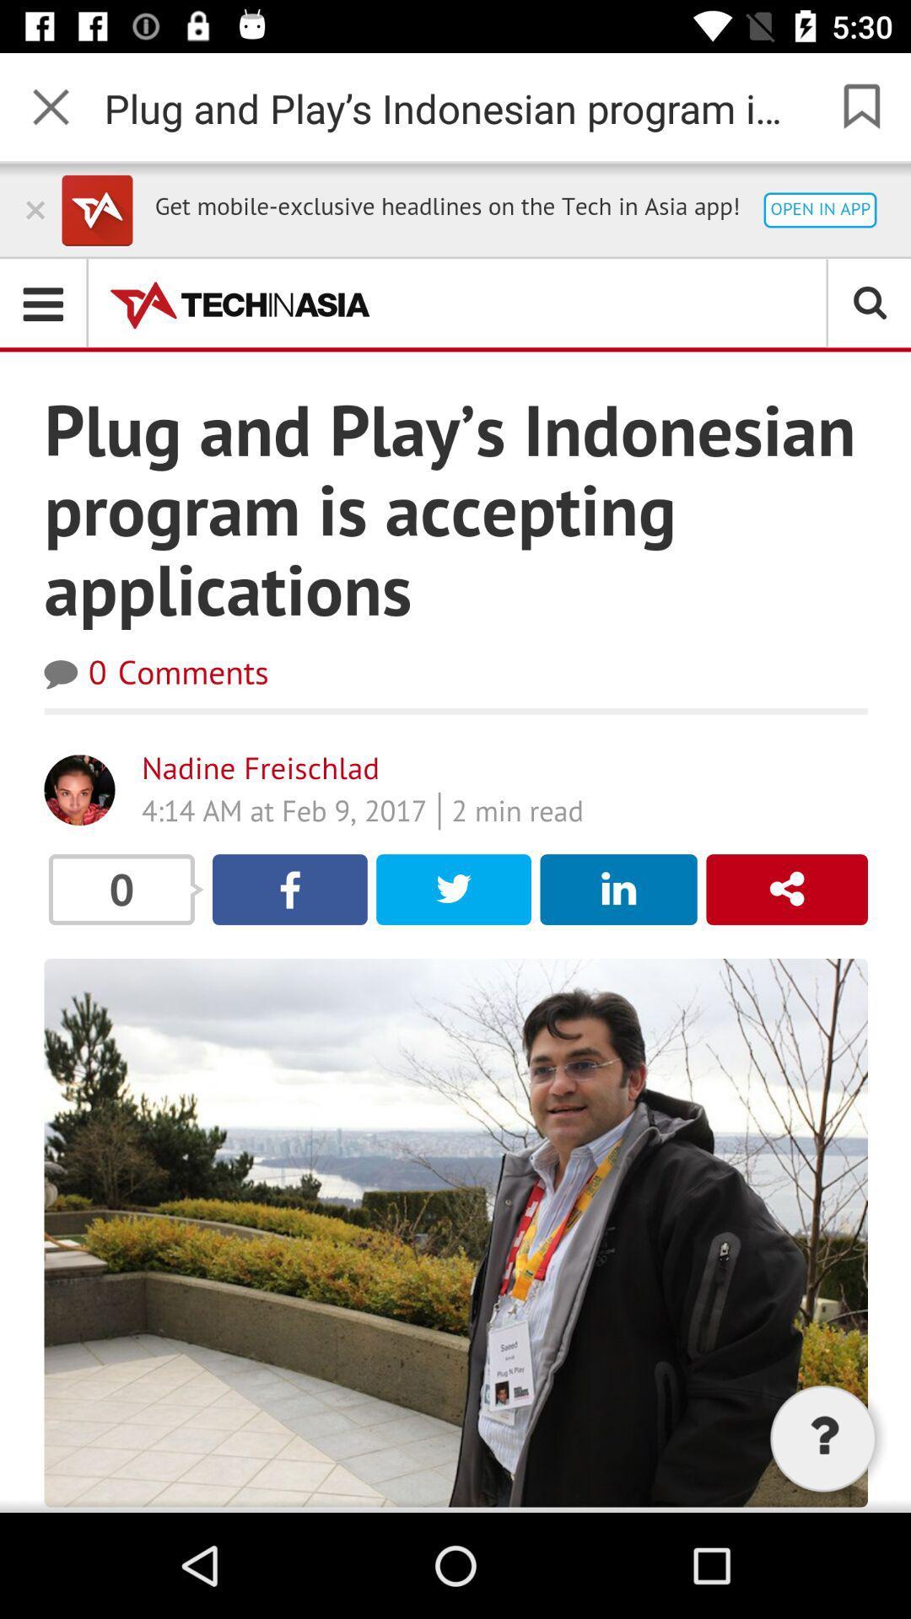 Image resolution: width=911 pixels, height=1619 pixels. What do you see at coordinates (859, 107) in the screenshot?
I see `the bookmark icon` at bounding box center [859, 107].